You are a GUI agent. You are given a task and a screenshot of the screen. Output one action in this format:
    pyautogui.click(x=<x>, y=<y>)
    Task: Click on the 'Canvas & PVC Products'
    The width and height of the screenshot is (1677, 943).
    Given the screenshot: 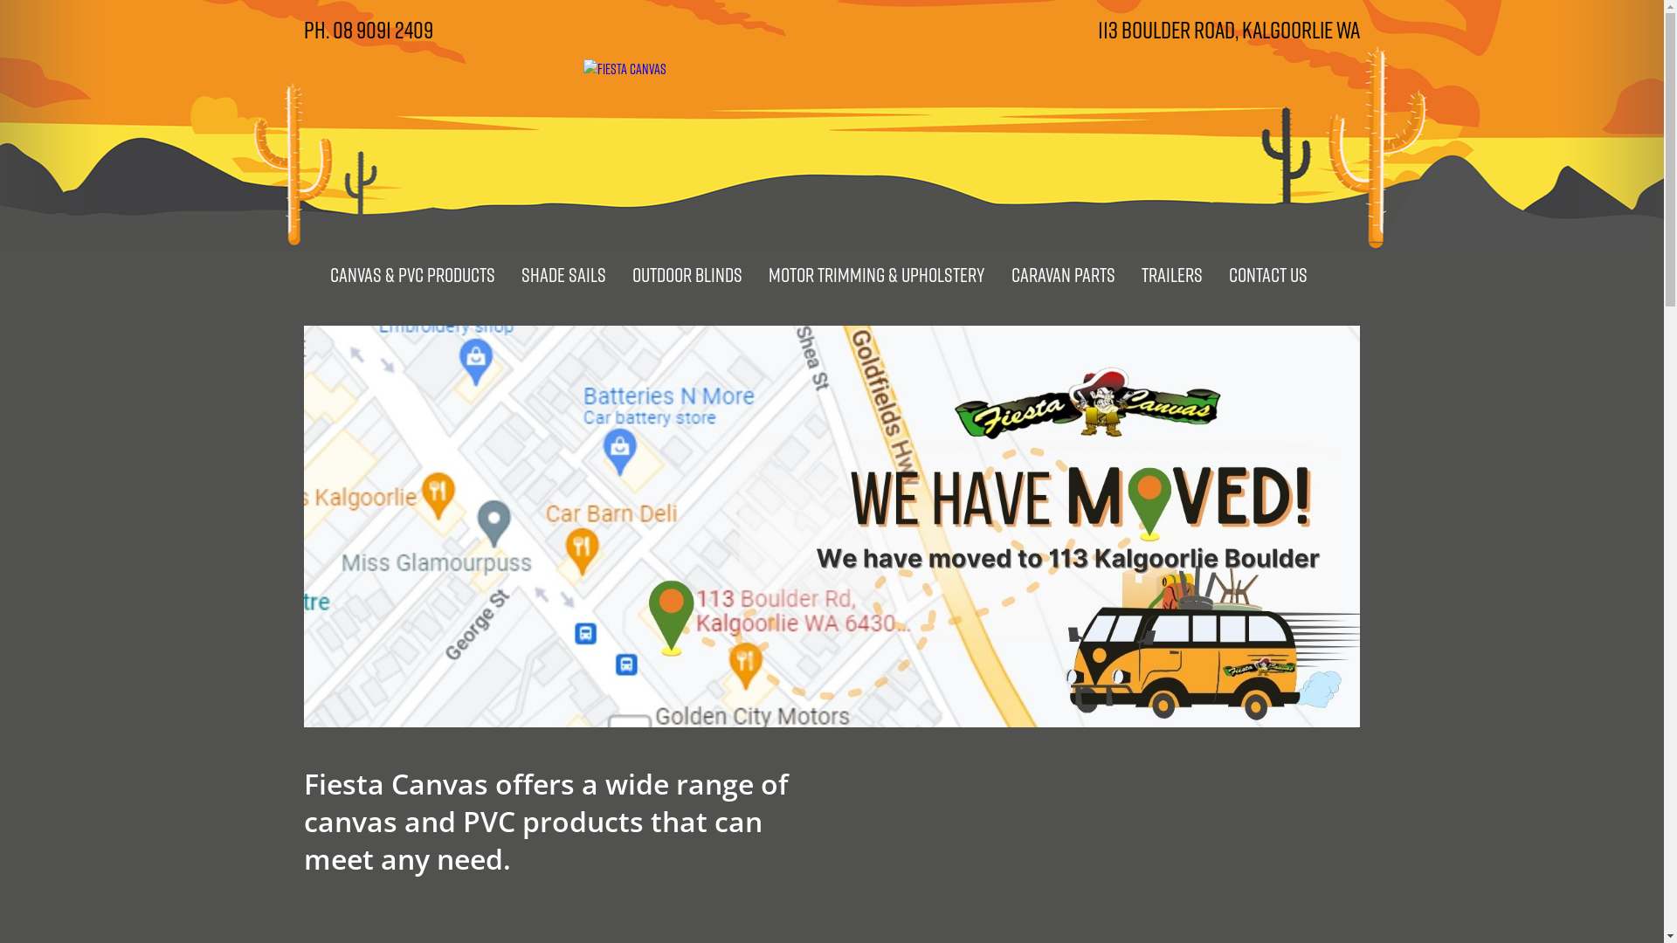 What is the action you would take?
    pyautogui.click(x=411, y=274)
    